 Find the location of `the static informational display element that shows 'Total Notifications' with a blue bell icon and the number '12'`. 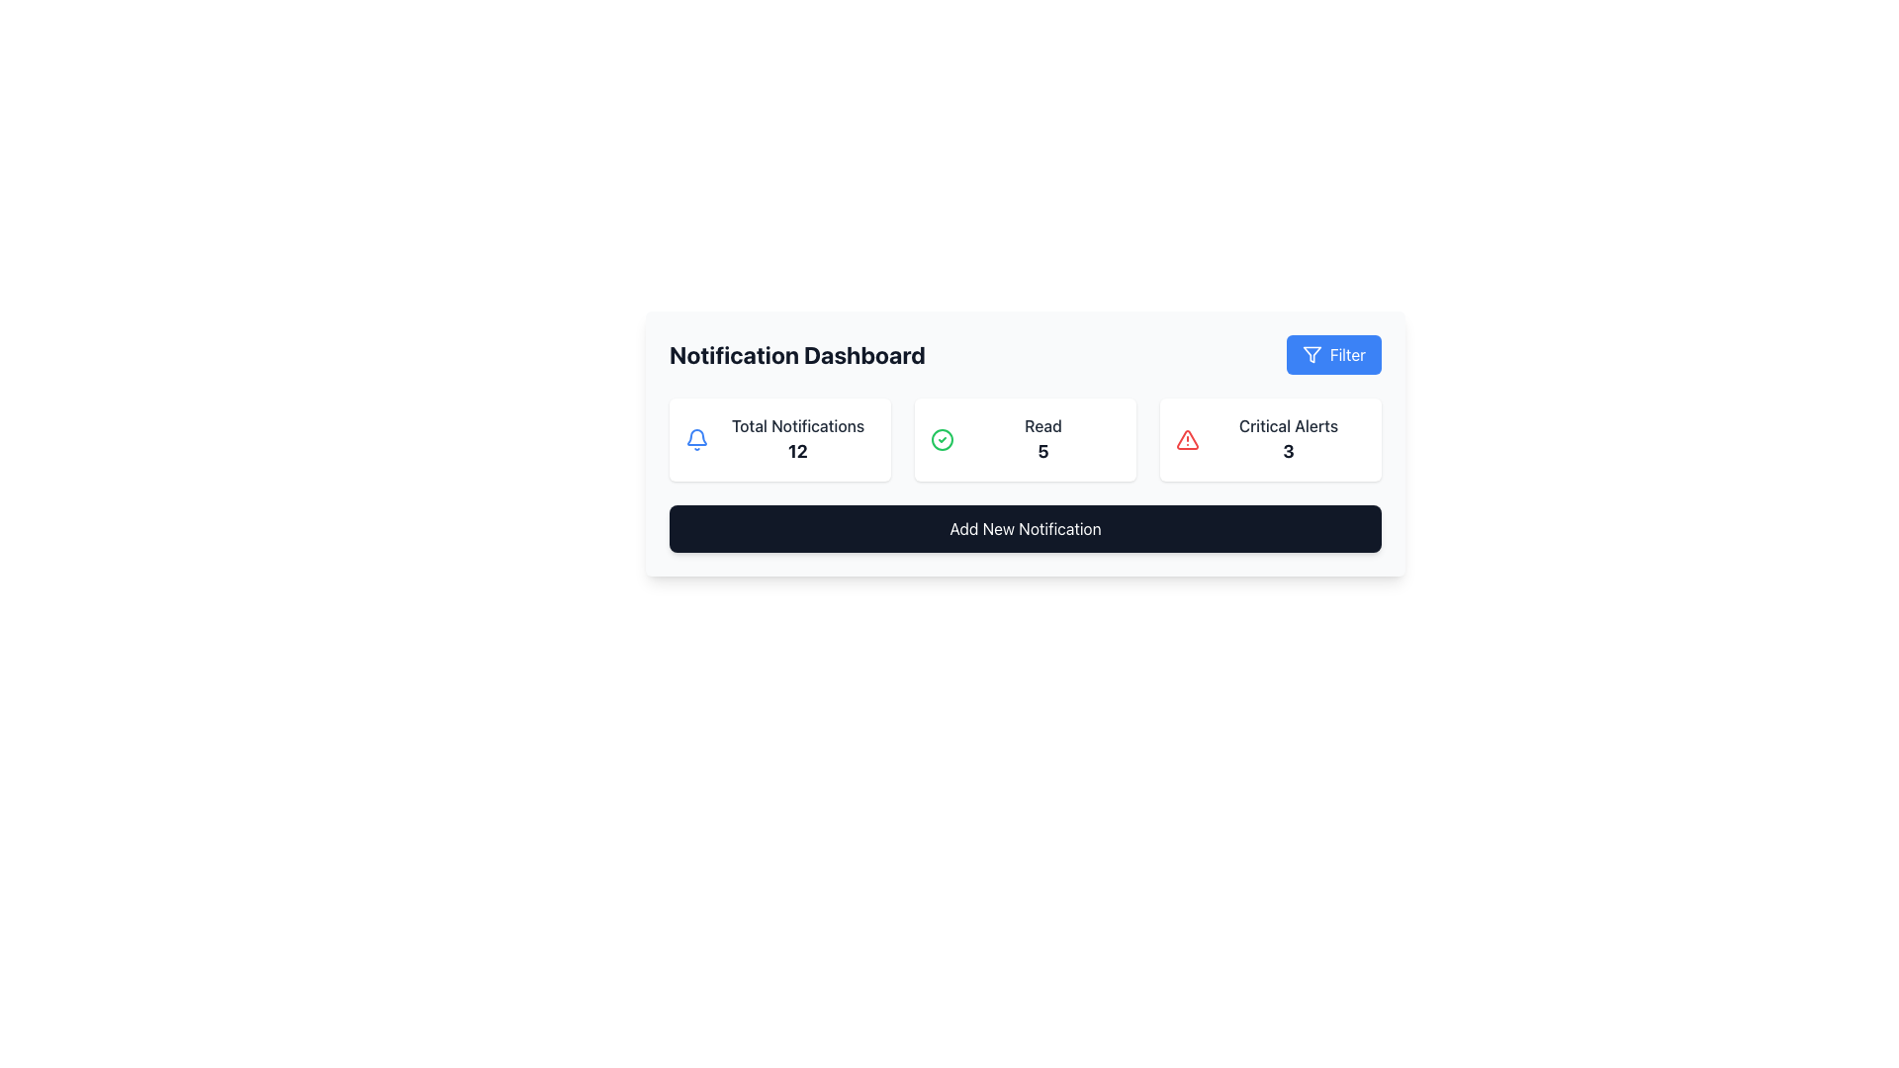

the static informational display element that shows 'Total Notifications' with a blue bell icon and the number '12' is located at coordinates (778, 438).